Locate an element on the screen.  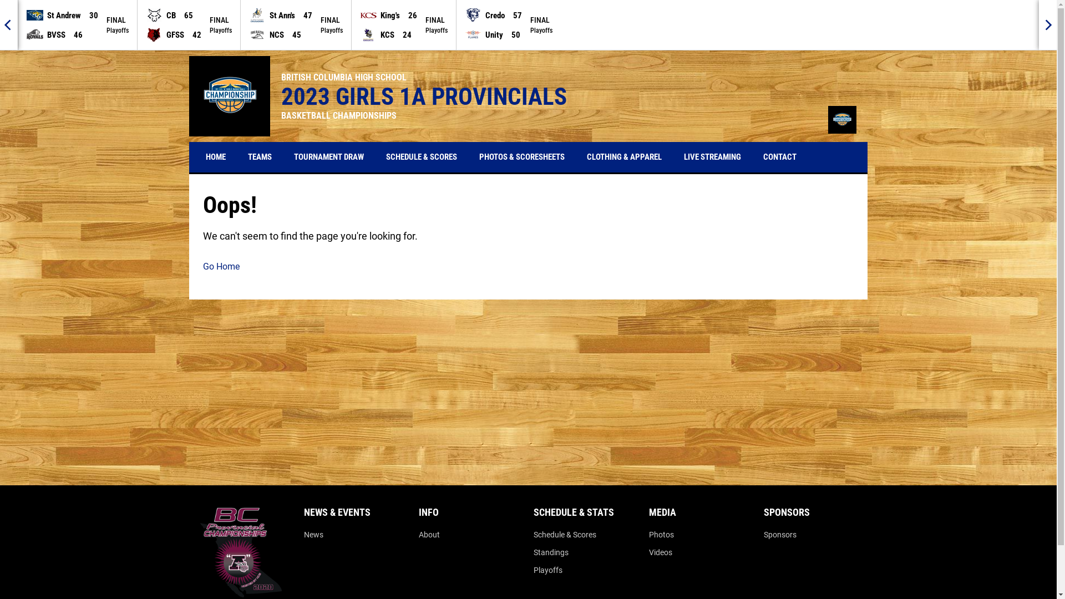
'HOME' is located at coordinates (215, 157).